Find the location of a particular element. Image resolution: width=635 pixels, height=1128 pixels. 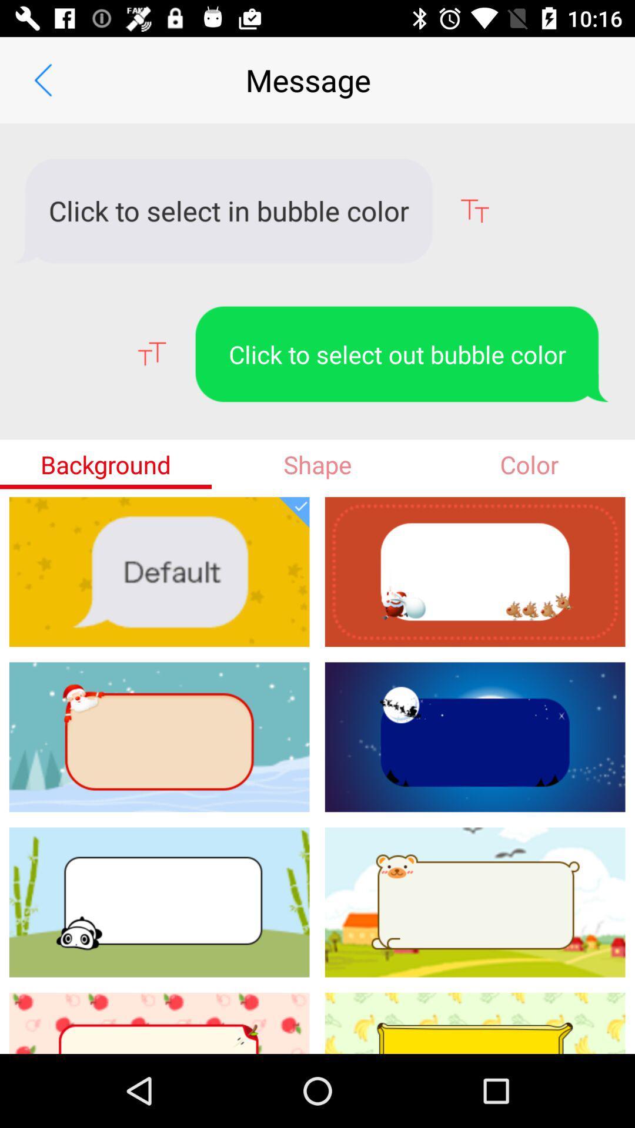

tick mark which is below shape is located at coordinates (293, 512).